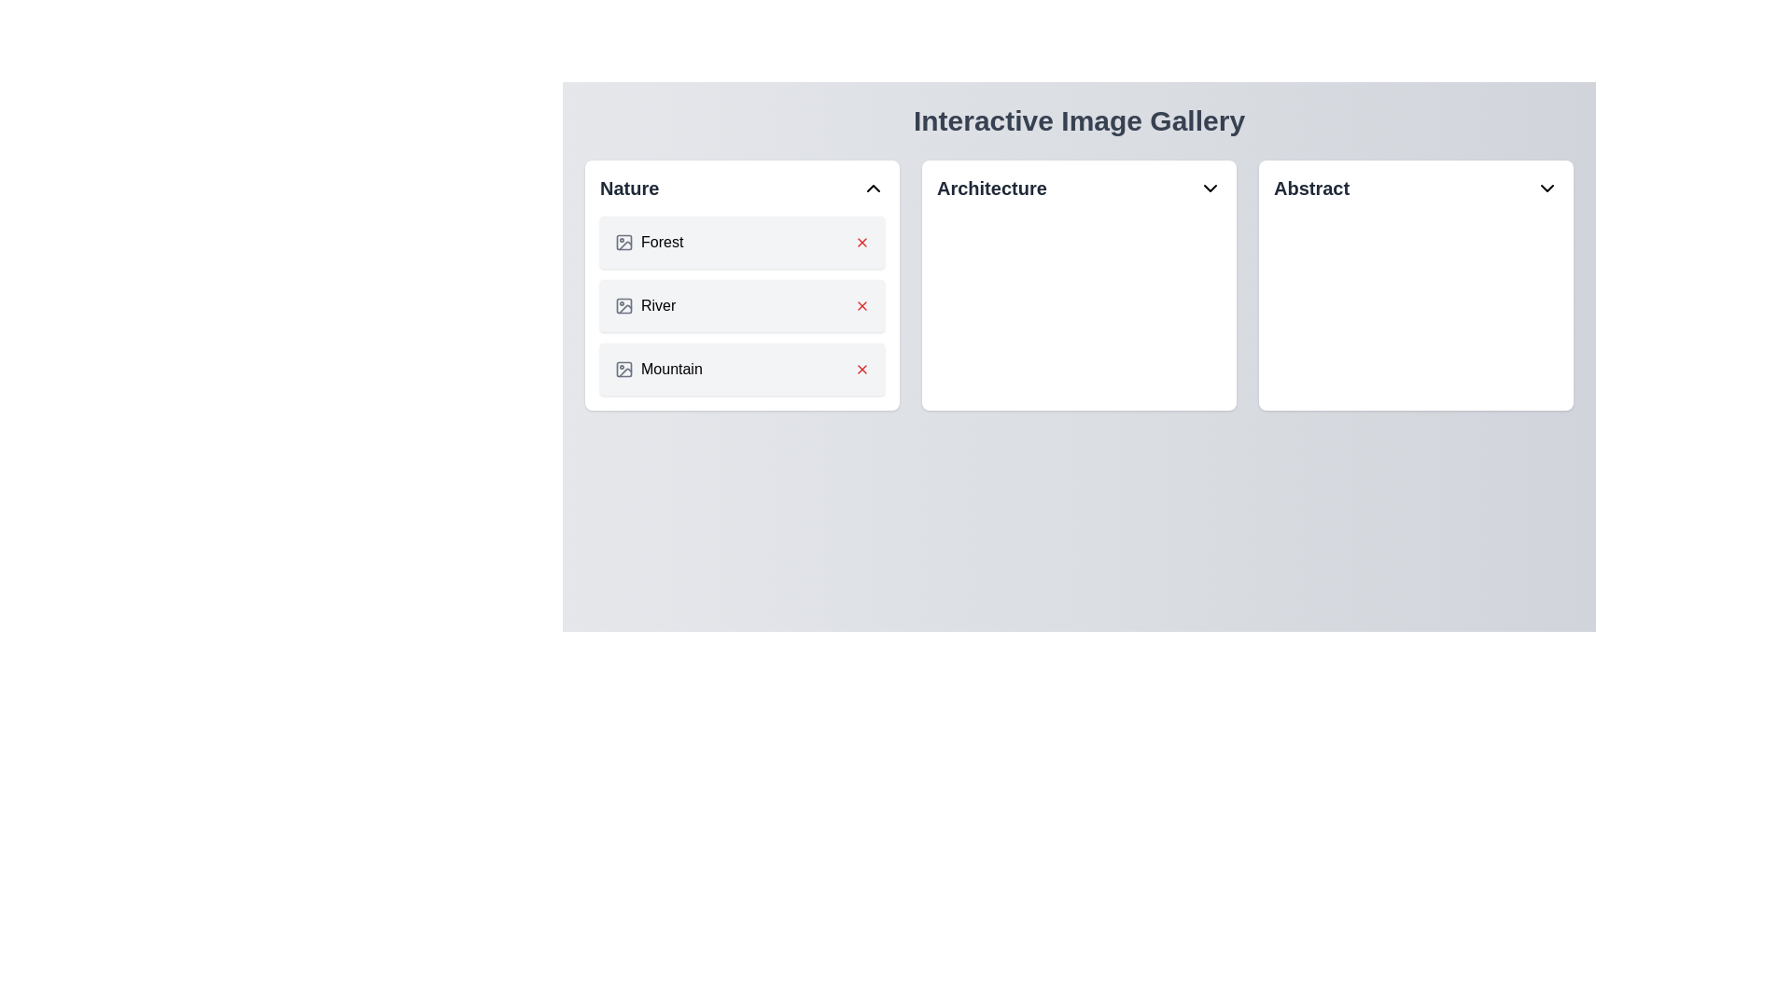 This screenshot has height=1008, width=1792. What do you see at coordinates (623, 370) in the screenshot?
I see `the icon that visually symbolizes the 'Mountain' category, located at the left side of the 'Mountain' label within the 'Nature' category list` at bounding box center [623, 370].